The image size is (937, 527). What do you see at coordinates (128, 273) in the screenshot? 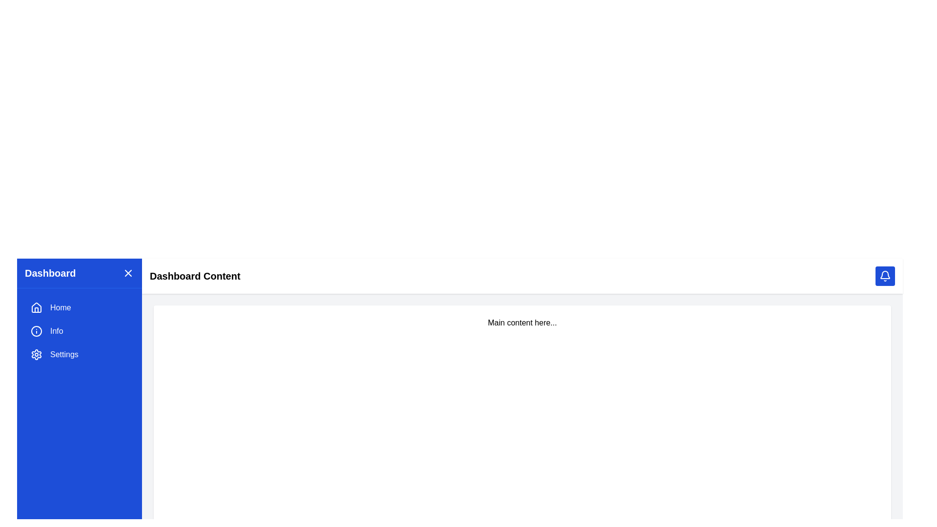
I see `the button positioned to the right of the 'Dashboard' text in the top-right corner of the blue sidebar header` at bounding box center [128, 273].